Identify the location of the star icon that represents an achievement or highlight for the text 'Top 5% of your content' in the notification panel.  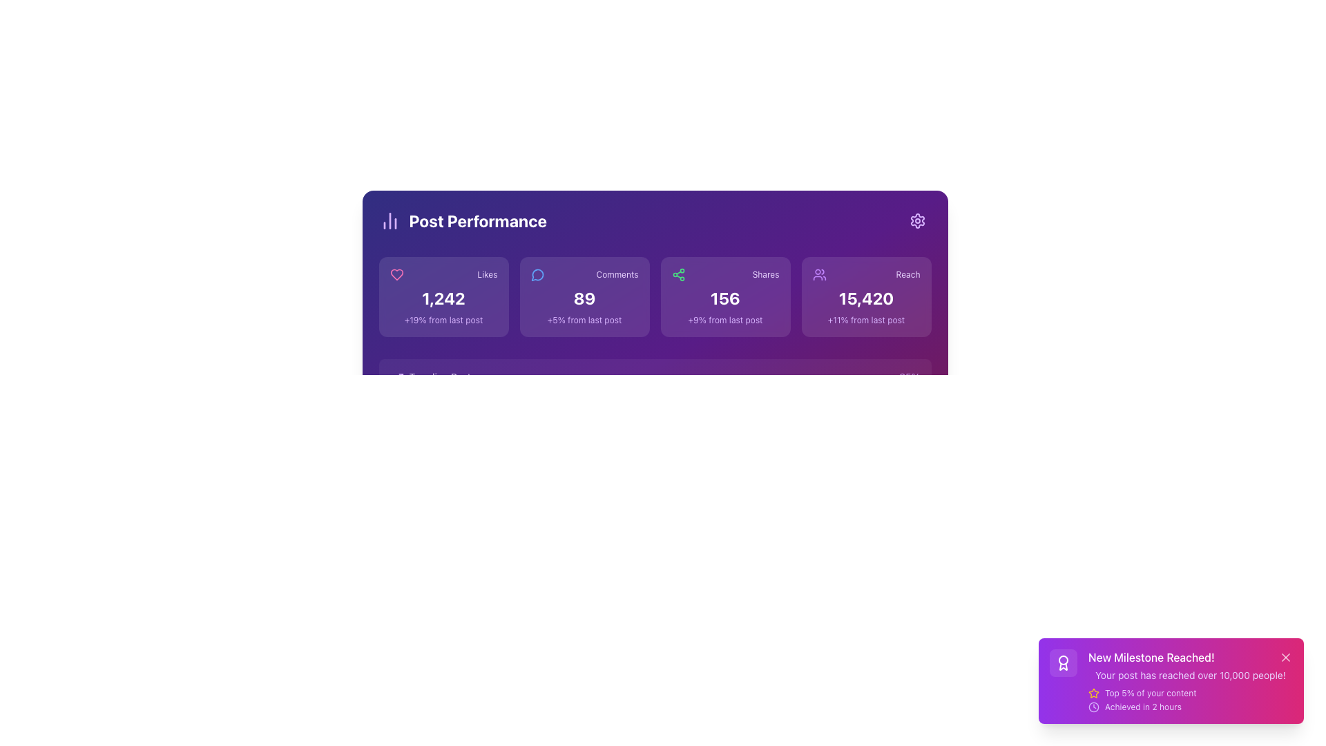
(1093, 693).